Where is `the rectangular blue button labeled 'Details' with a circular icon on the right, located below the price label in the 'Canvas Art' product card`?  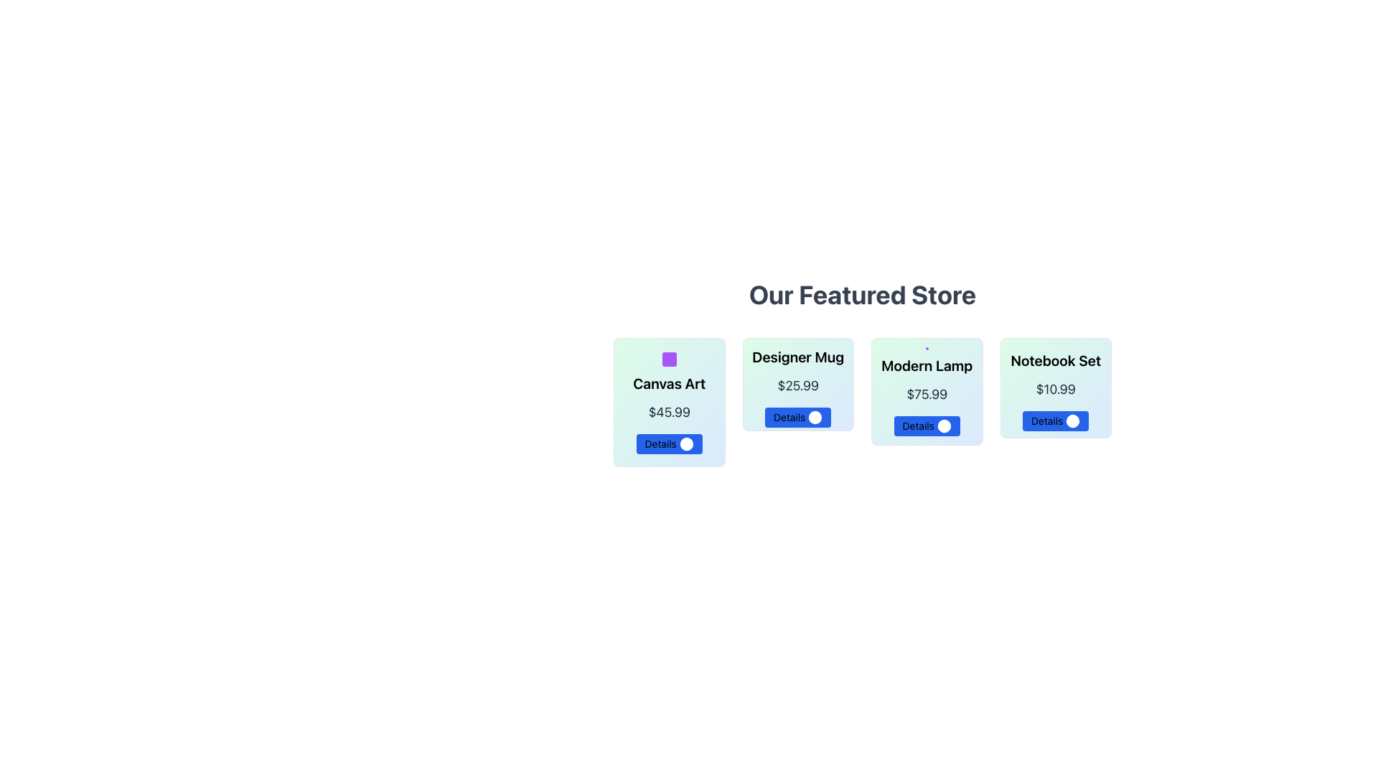
the rectangular blue button labeled 'Details' with a circular icon on the right, located below the price label in the 'Canvas Art' product card is located at coordinates (668, 443).